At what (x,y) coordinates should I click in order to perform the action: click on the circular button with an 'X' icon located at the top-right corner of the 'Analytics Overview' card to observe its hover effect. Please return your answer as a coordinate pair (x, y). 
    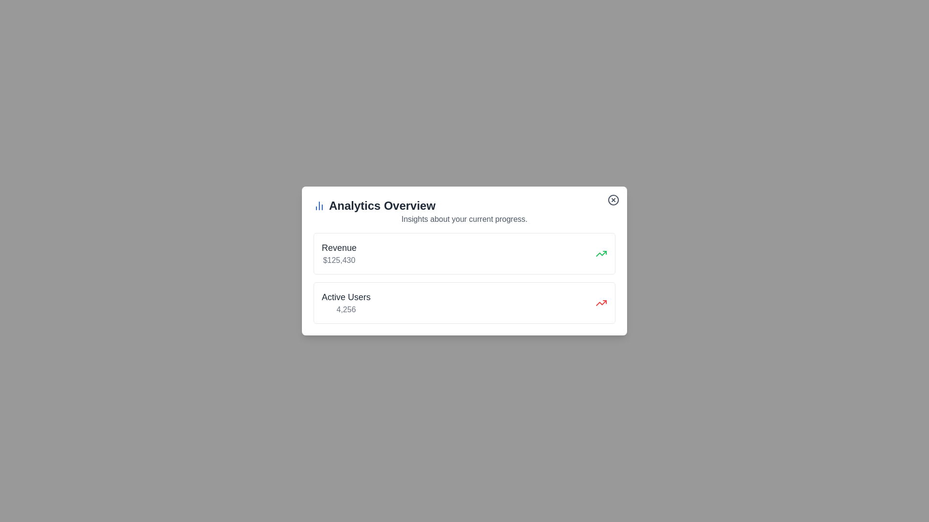
    Looking at the image, I should click on (613, 199).